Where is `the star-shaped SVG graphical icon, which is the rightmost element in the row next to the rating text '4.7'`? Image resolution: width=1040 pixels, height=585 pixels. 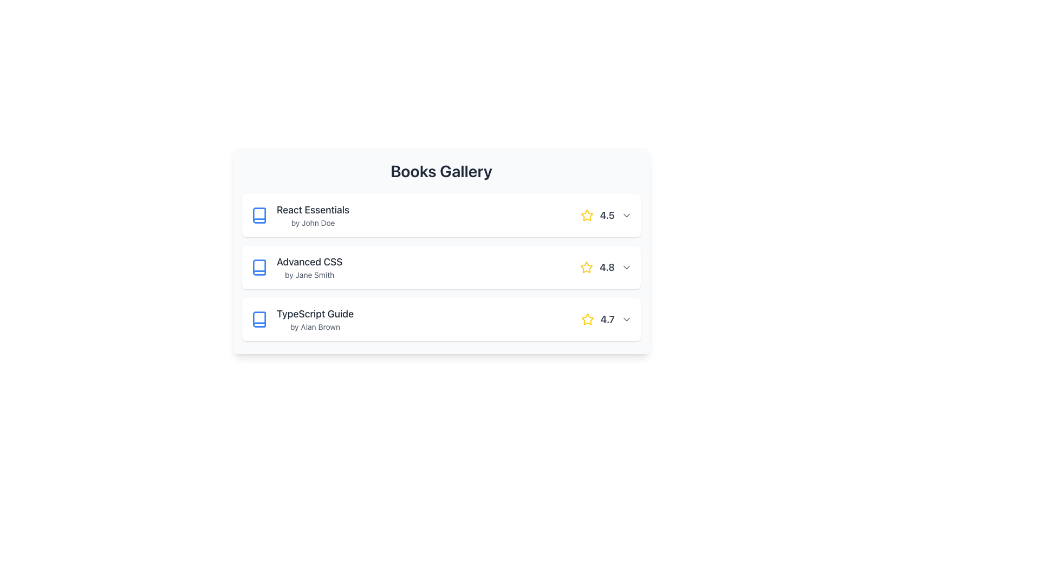 the star-shaped SVG graphical icon, which is the rightmost element in the row next to the rating text '4.7' is located at coordinates (587, 318).